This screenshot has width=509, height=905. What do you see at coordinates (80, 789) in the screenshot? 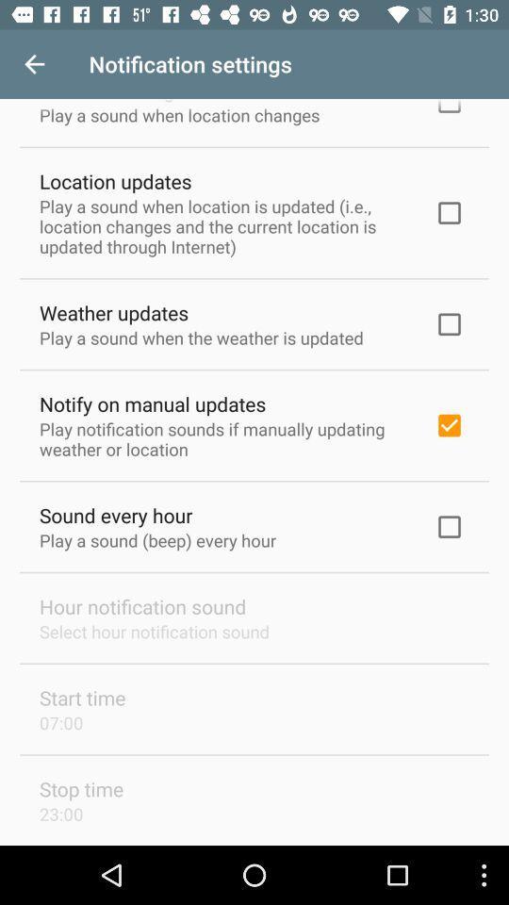
I see `the stop time item` at bounding box center [80, 789].